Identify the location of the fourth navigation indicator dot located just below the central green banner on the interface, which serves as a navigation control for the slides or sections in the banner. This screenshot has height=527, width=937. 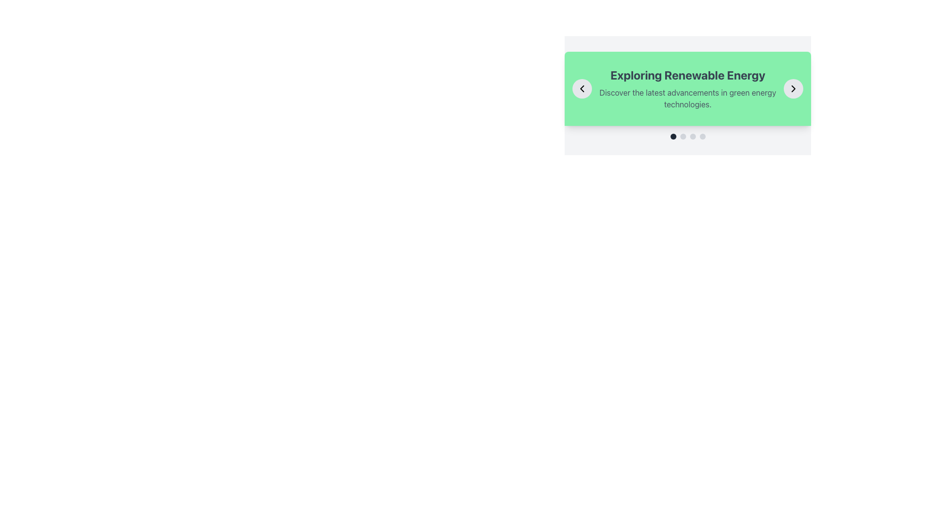
(702, 137).